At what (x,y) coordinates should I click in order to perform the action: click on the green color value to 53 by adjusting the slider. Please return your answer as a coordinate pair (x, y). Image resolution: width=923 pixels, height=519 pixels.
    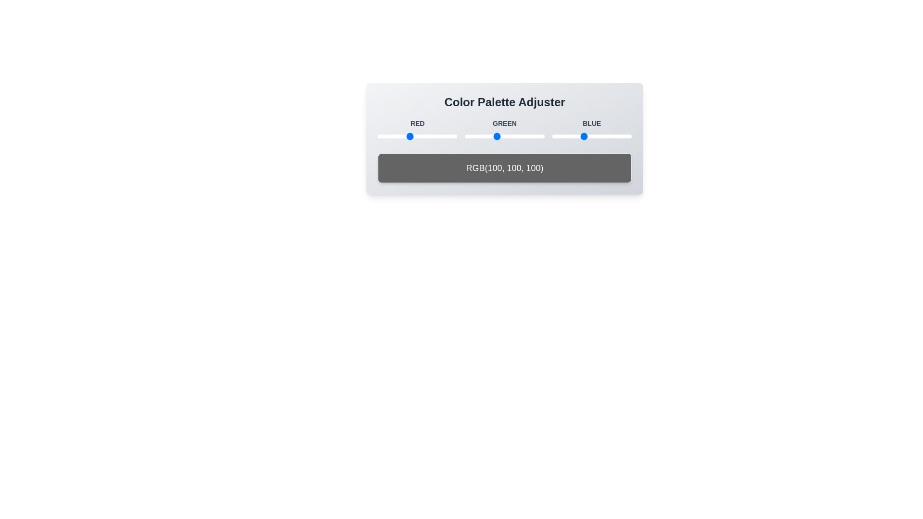
    Looking at the image, I should click on (481, 136).